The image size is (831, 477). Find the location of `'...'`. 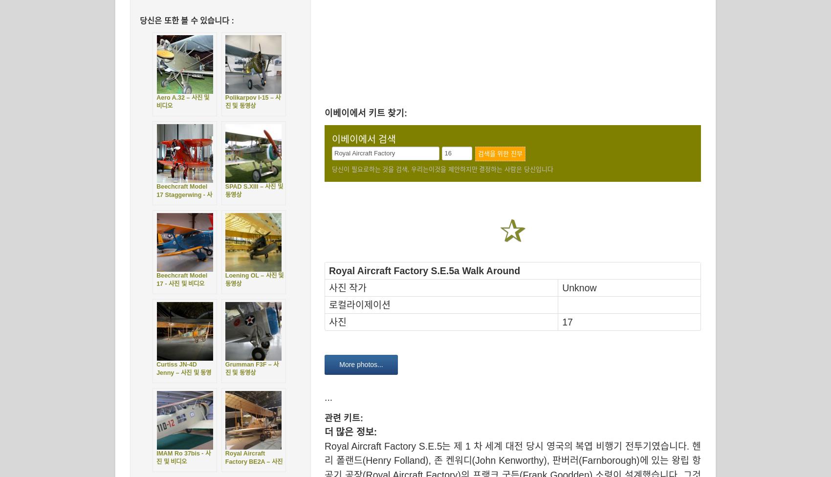

'...' is located at coordinates (328, 397).